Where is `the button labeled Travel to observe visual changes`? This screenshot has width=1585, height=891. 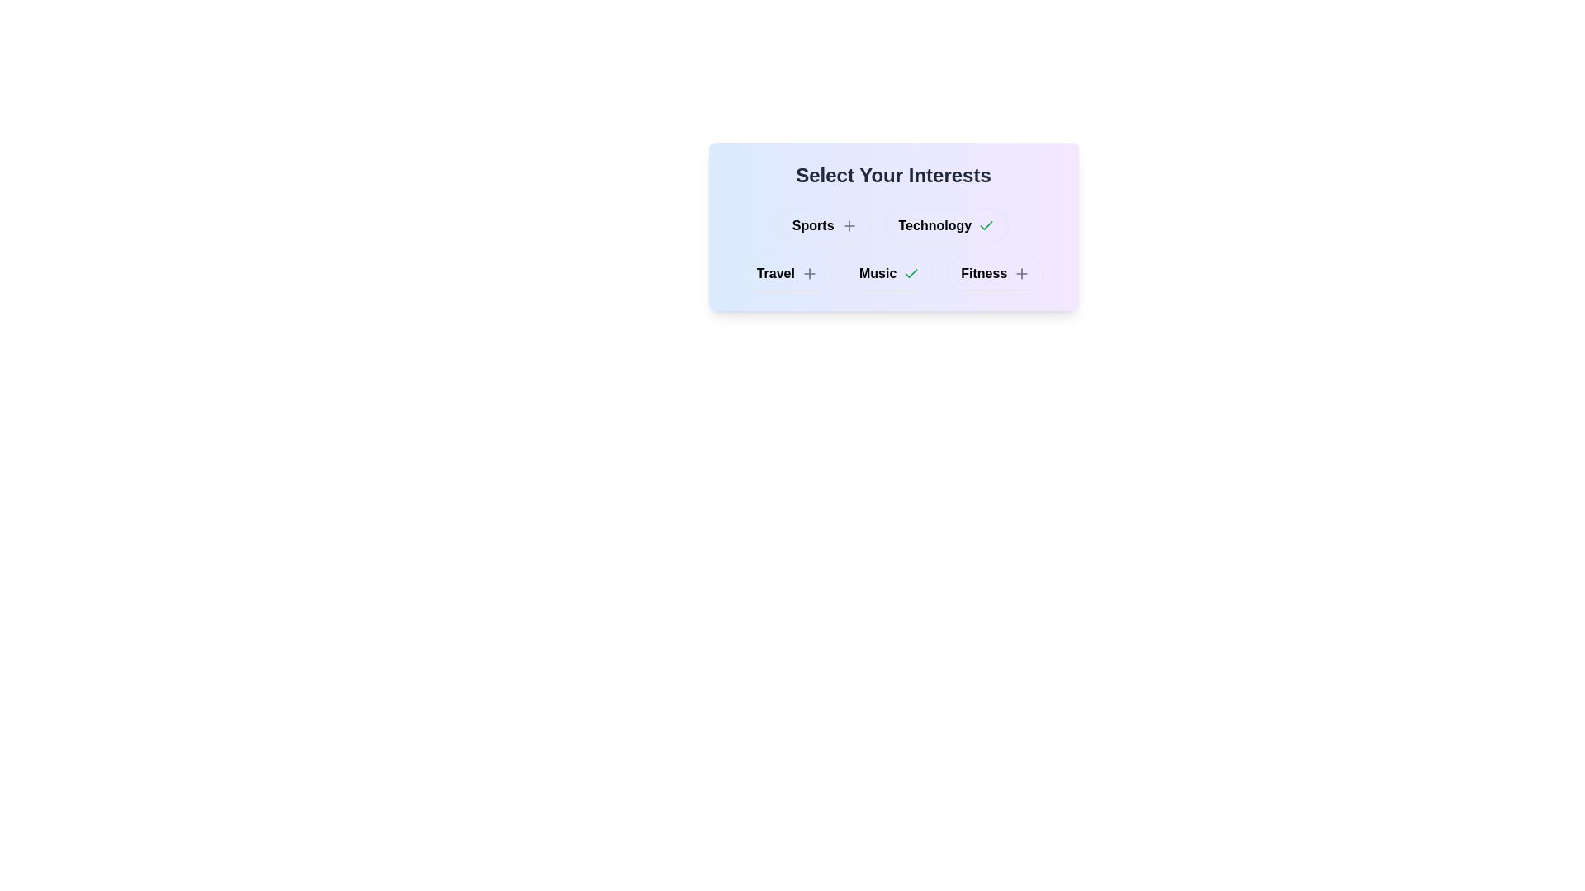
the button labeled Travel to observe visual changes is located at coordinates (787, 272).